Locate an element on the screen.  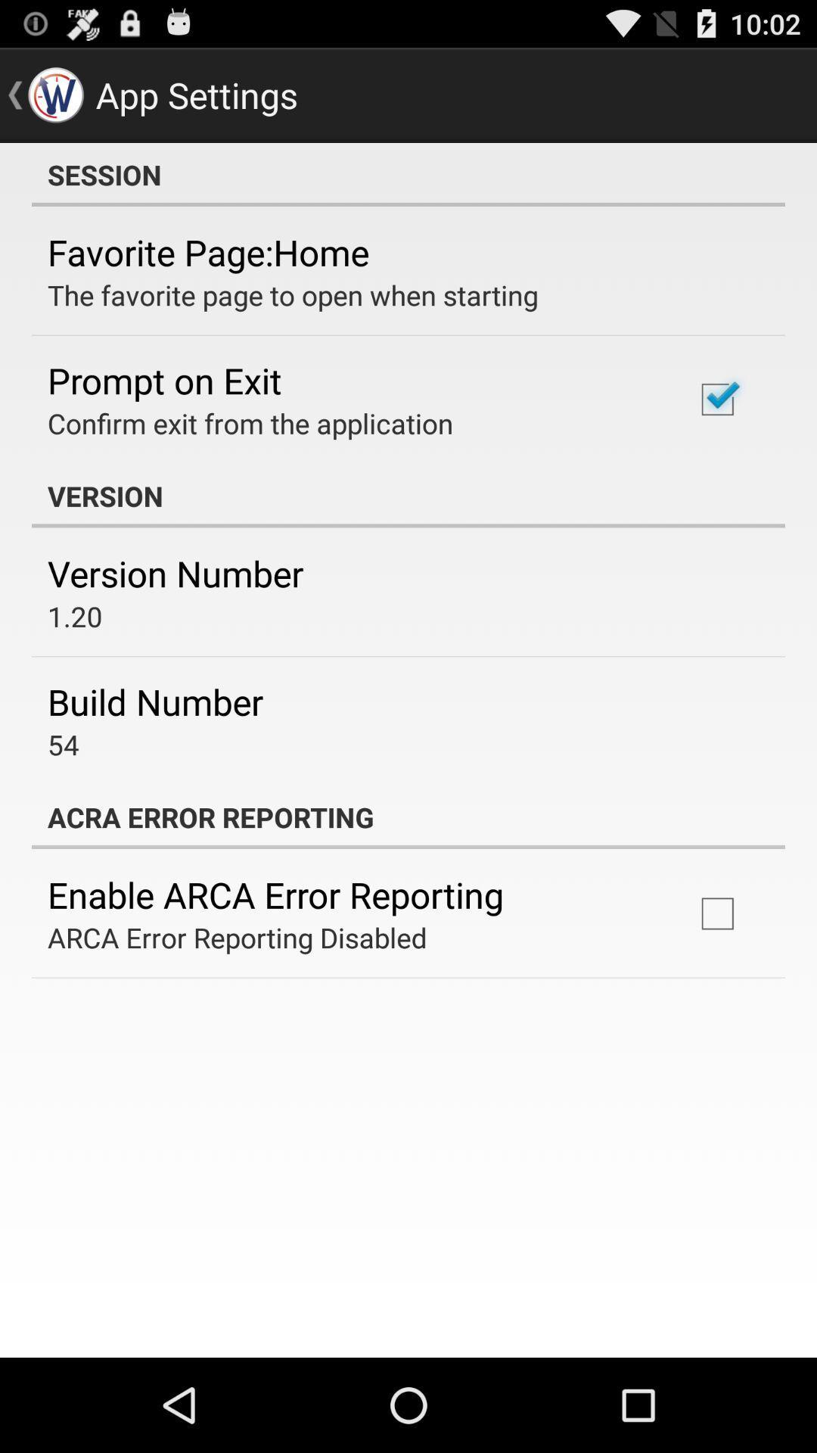
item above 1.20 icon is located at coordinates (175, 572).